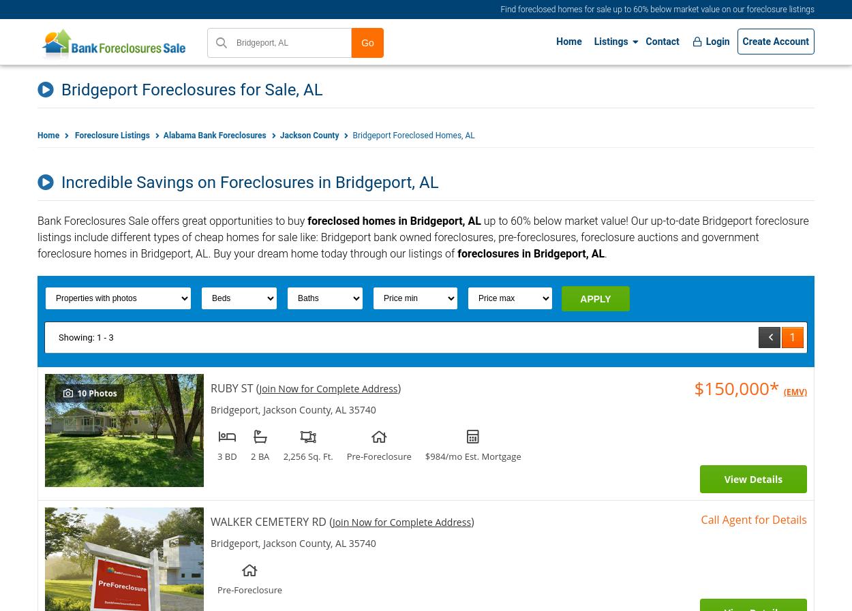 The width and height of the screenshot is (852, 611). I want to click on '2 BA', so click(260, 456).